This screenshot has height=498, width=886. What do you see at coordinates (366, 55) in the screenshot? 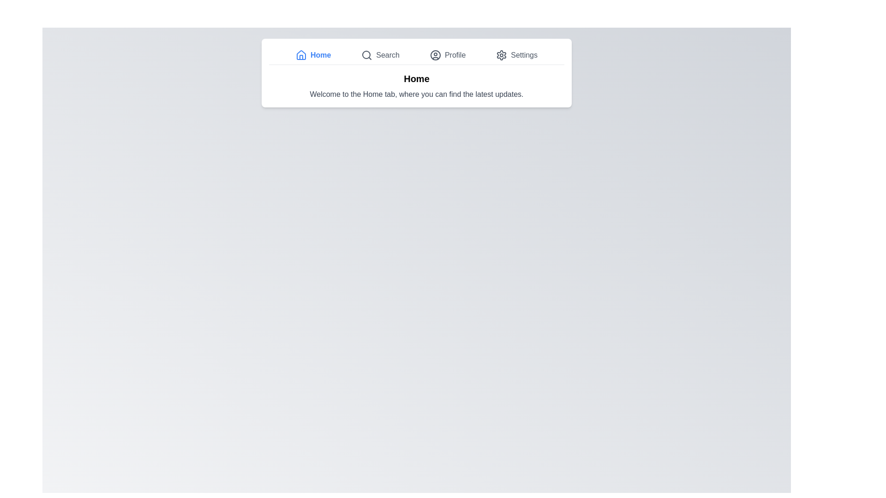
I see `the SVG Circle Element that represents the lens of the search icon, which is located second from the left in the navigation controls at the top of the interface` at bounding box center [366, 55].